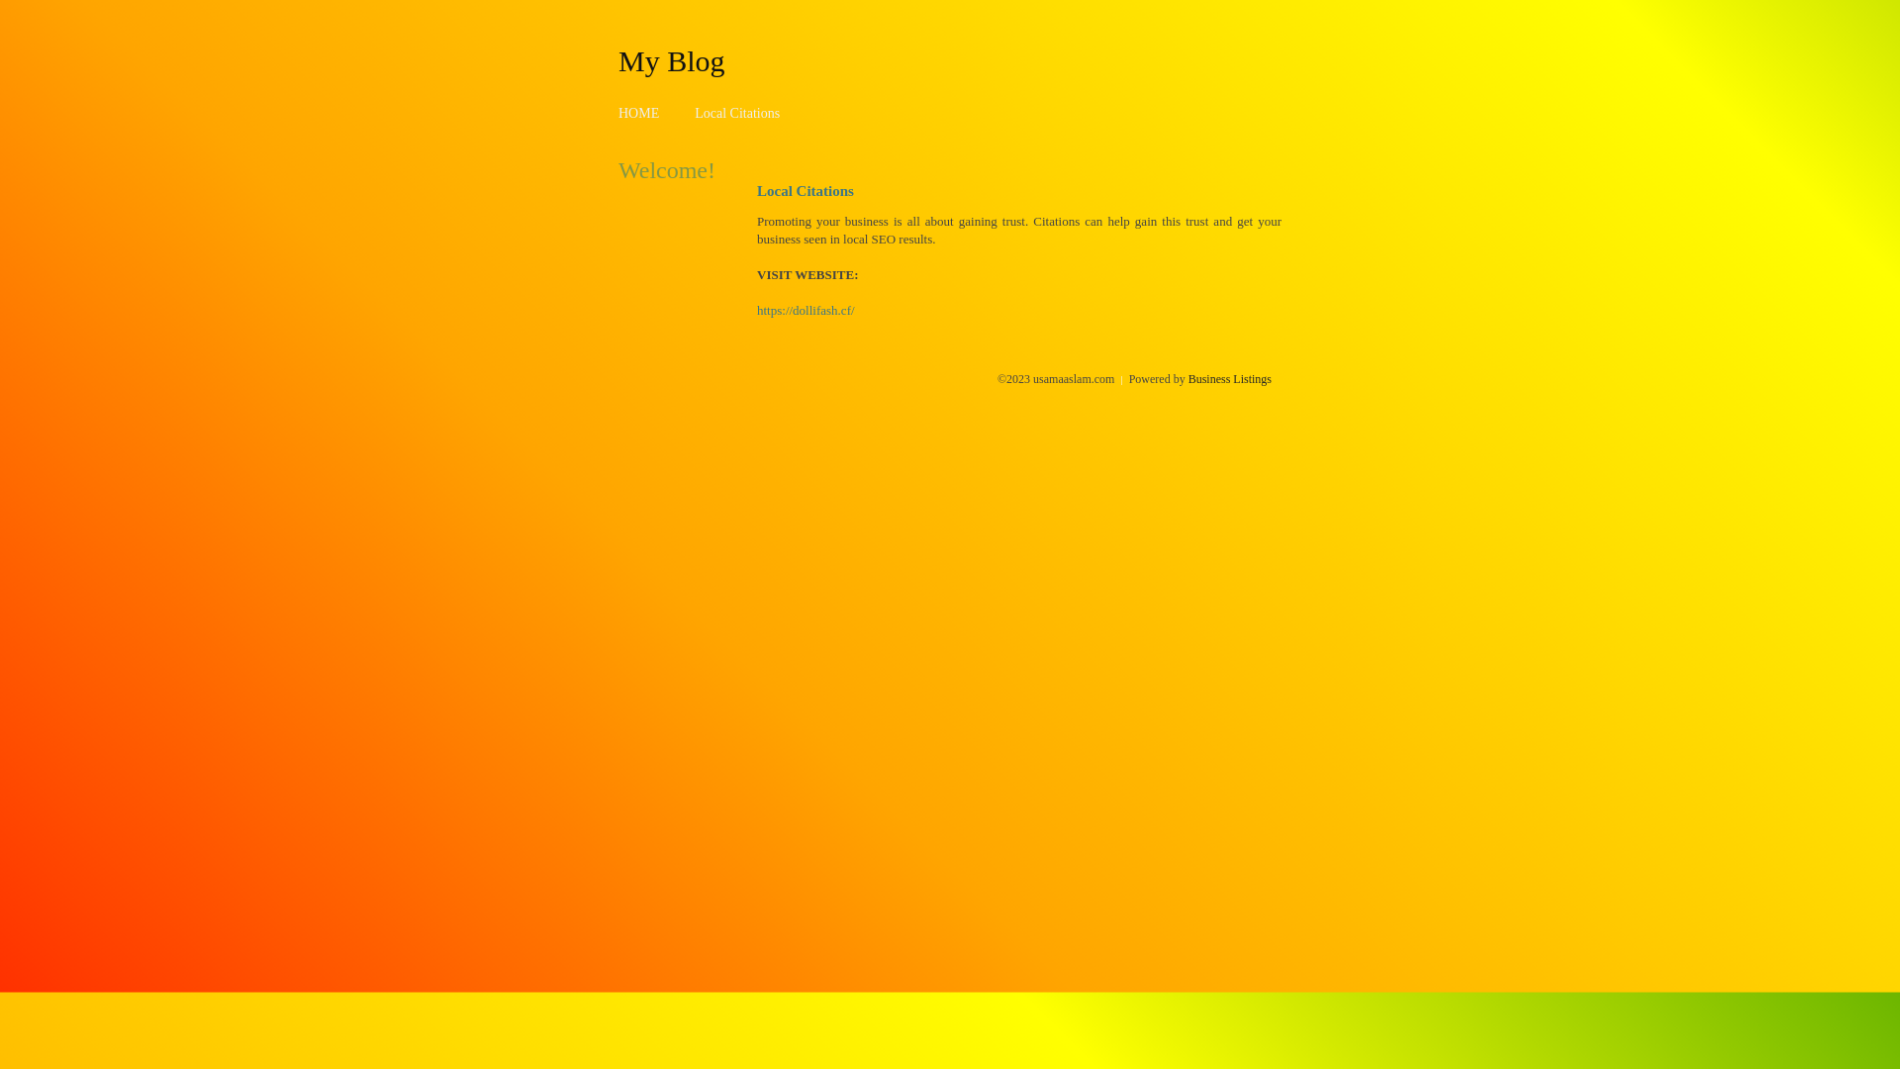  Describe the element at coordinates (638, 113) in the screenshot. I see `'HOME'` at that location.